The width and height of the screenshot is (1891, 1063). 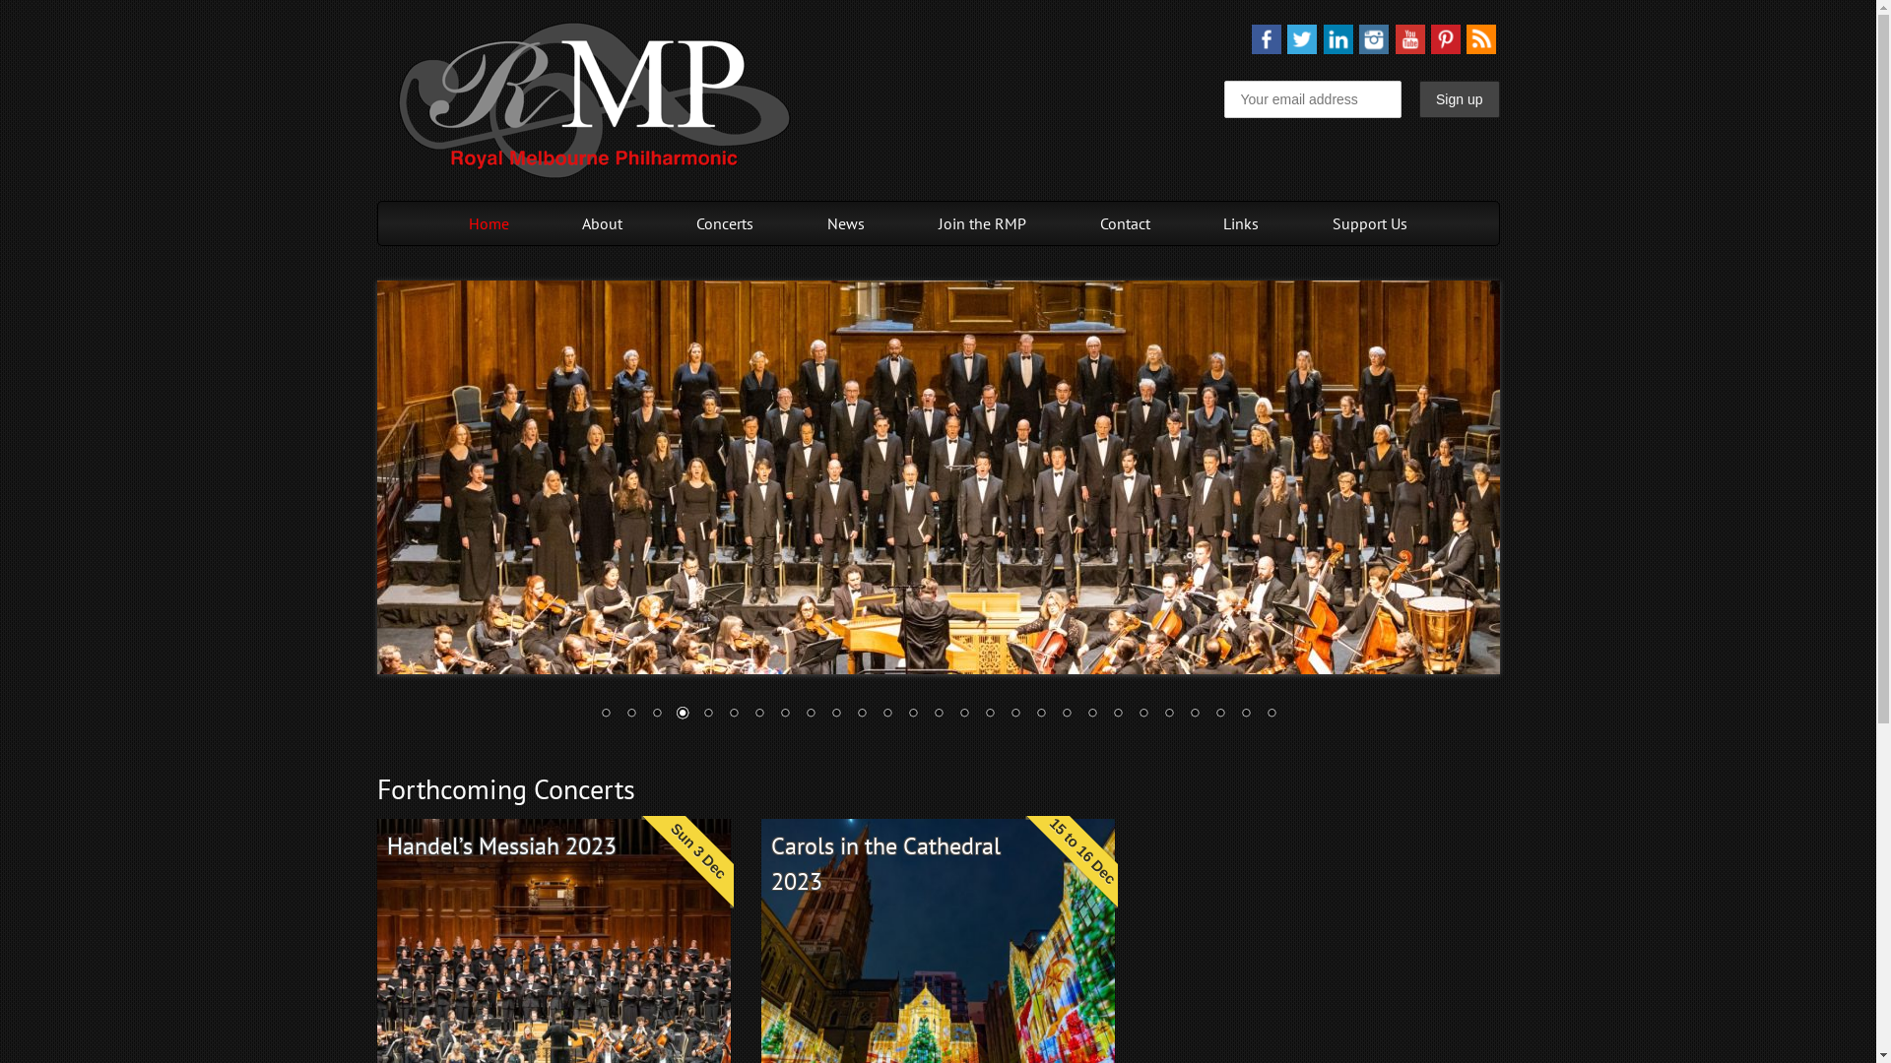 I want to click on '26', so click(x=1233, y=714).